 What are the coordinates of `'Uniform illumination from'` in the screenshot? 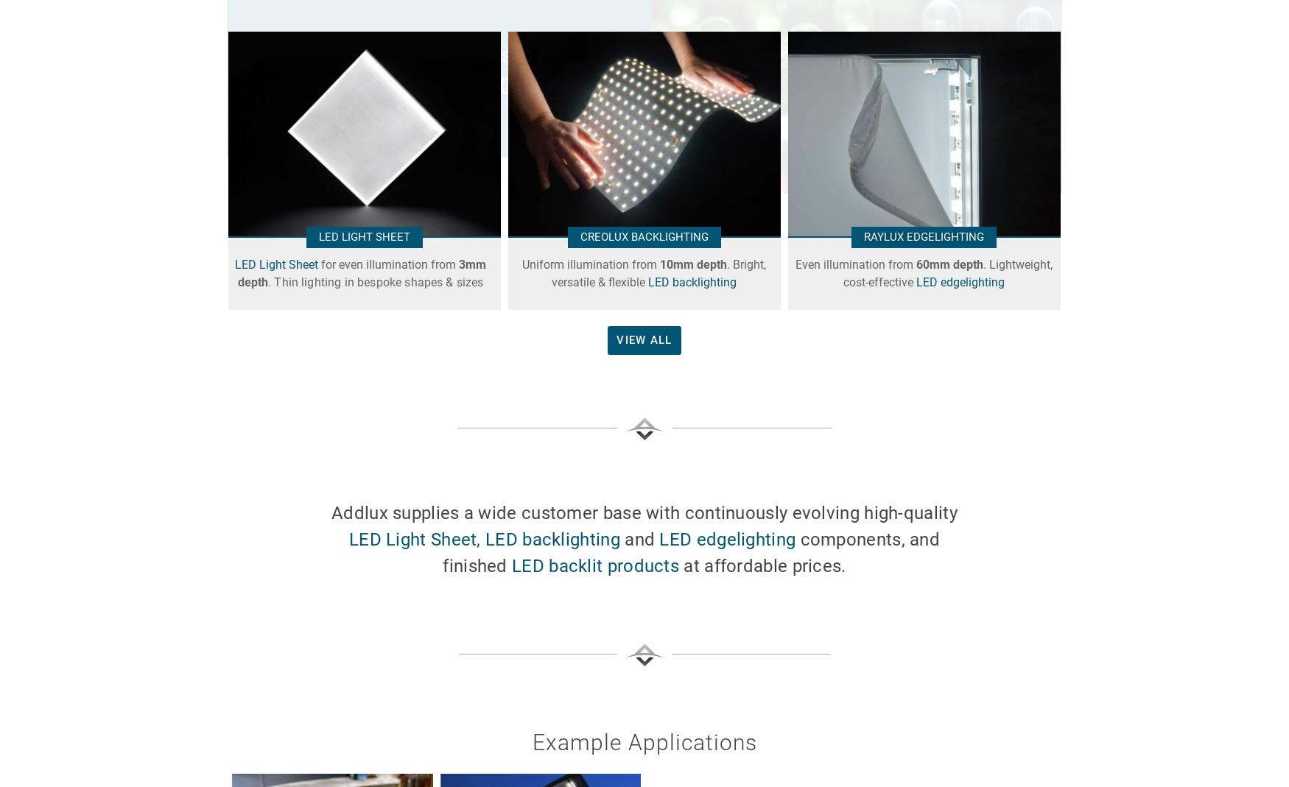 It's located at (590, 264).